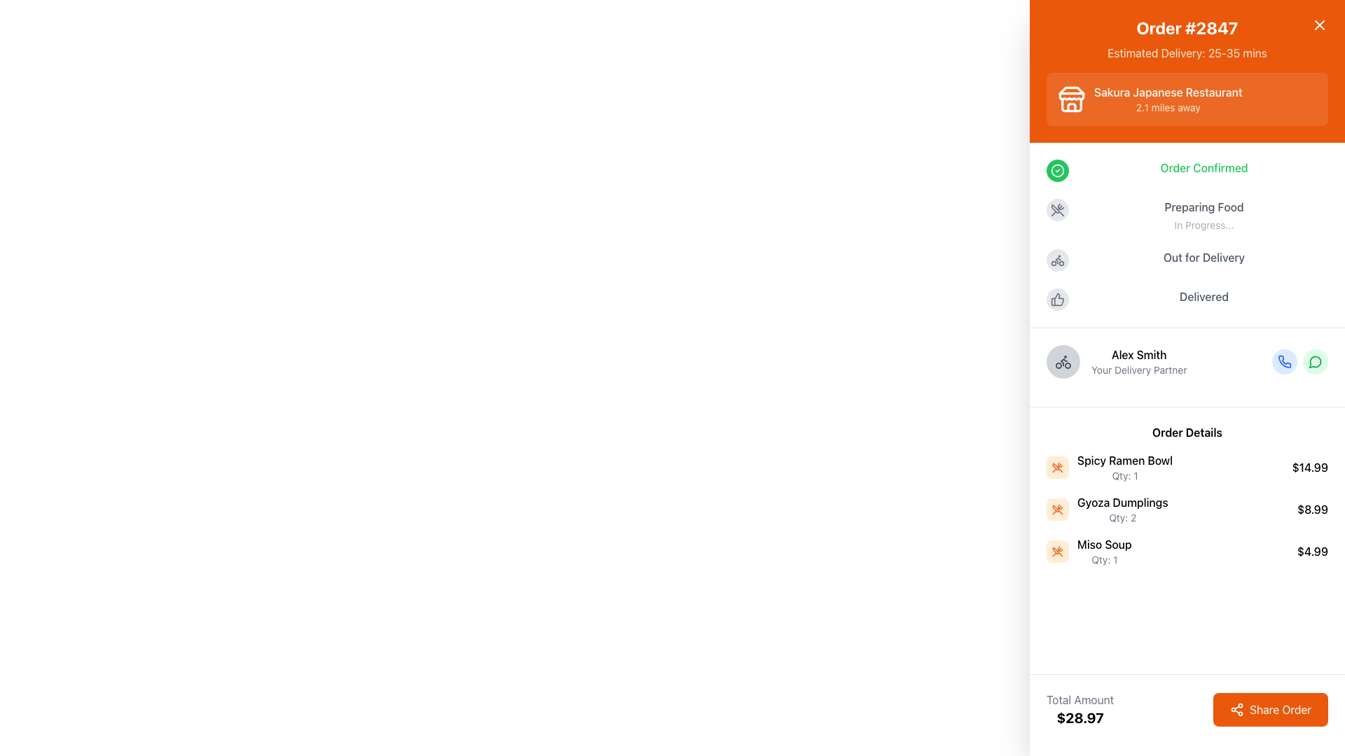 This screenshot has height=756, width=1345. I want to click on the square icon with a light orange background and crossed utensils, located next to the 'Miso Soup' order item in the 'Order Details' section, so click(1058, 550).